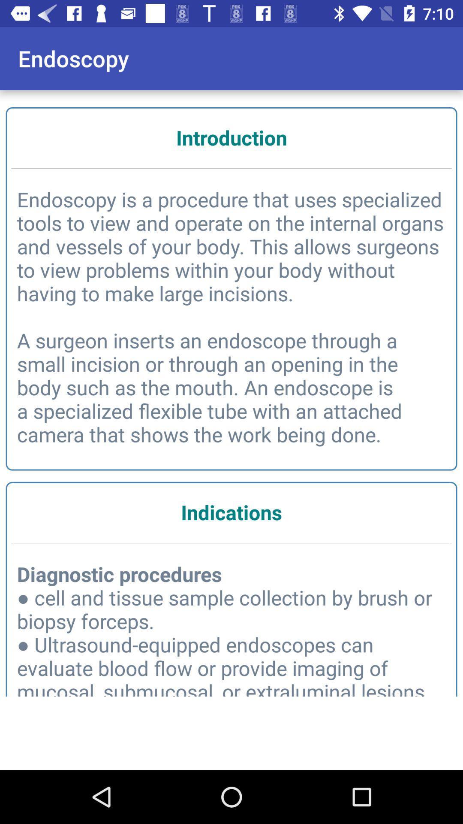 The width and height of the screenshot is (463, 824). What do you see at coordinates (231, 316) in the screenshot?
I see `endoscopy is a icon` at bounding box center [231, 316].